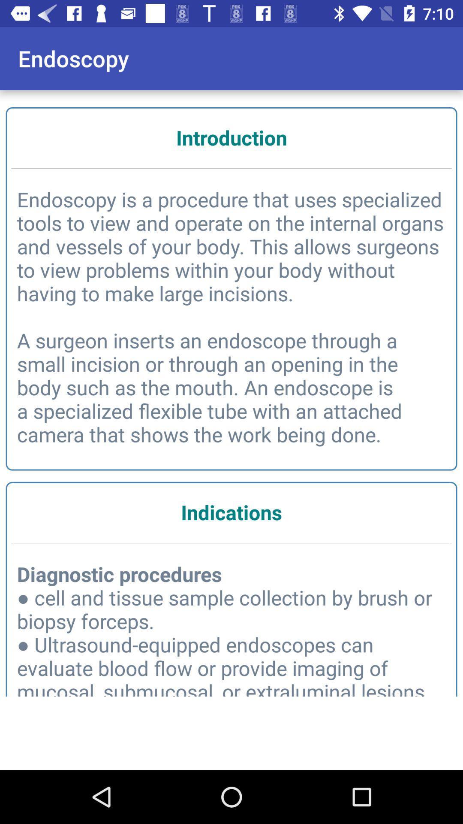 The width and height of the screenshot is (463, 824). What do you see at coordinates (231, 316) in the screenshot?
I see `endoscopy is a icon` at bounding box center [231, 316].